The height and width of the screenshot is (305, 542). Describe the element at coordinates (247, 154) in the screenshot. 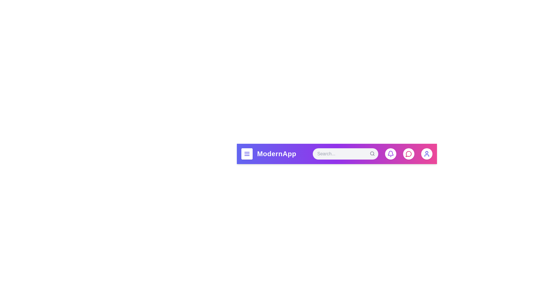

I see `the menu button to open the menu` at that location.